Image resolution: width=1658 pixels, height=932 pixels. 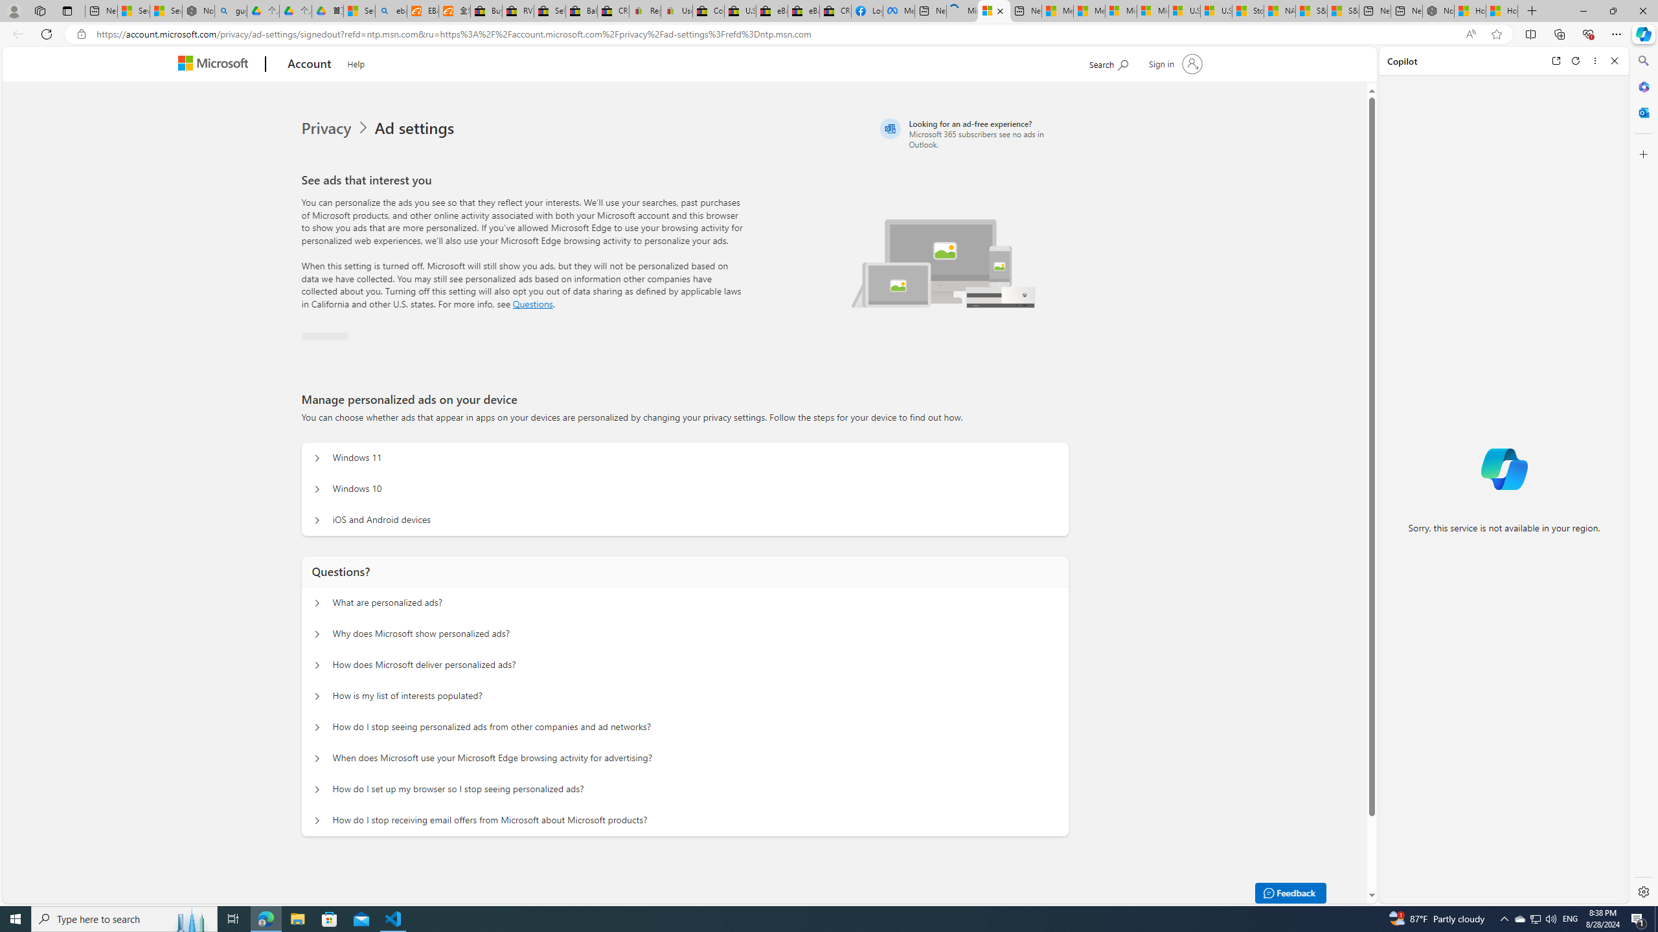 What do you see at coordinates (1642, 153) in the screenshot?
I see `'Customize'` at bounding box center [1642, 153].